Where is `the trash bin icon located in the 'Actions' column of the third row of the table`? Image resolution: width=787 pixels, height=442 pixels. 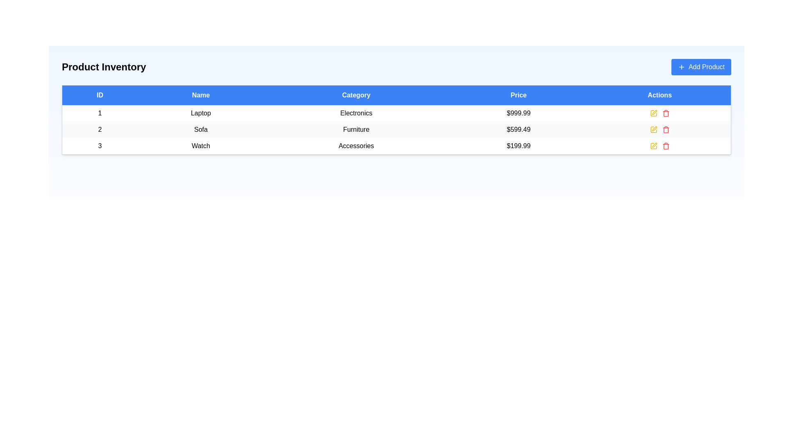
the trash bin icon located in the 'Actions' column of the third row of the table is located at coordinates (666, 146).